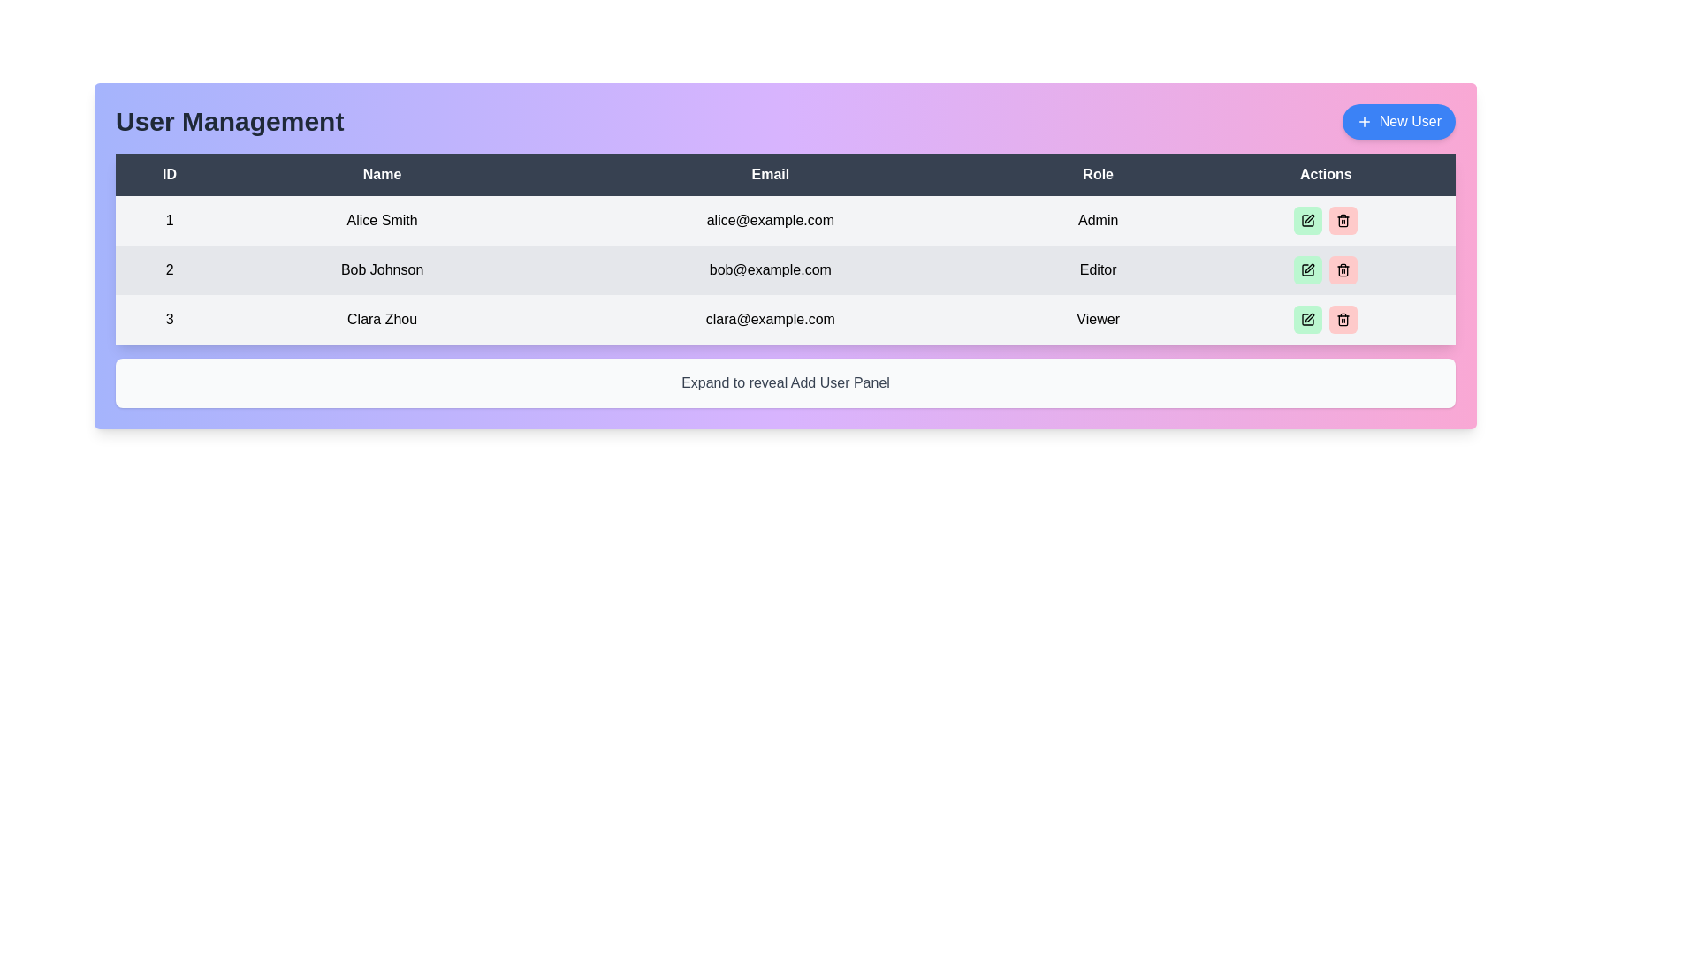 Image resolution: width=1697 pixels, height=954 pixels. What do you see at coordinates (1097, 320) in the screenshot?
I see `the Text label indicating the role of user 'Clara Zhou' as 'Viewer' in the 'Role' column of the data table` at bounding box center [1097, 320].